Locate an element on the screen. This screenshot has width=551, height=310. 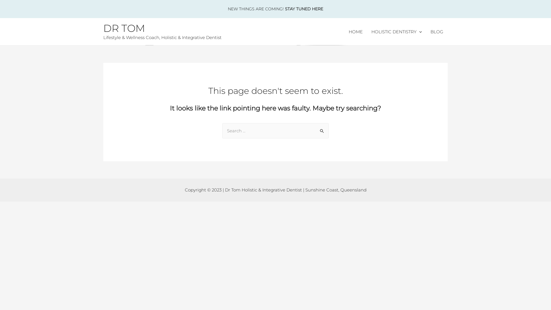
'BLOG' is located at coordinates (426, 32).